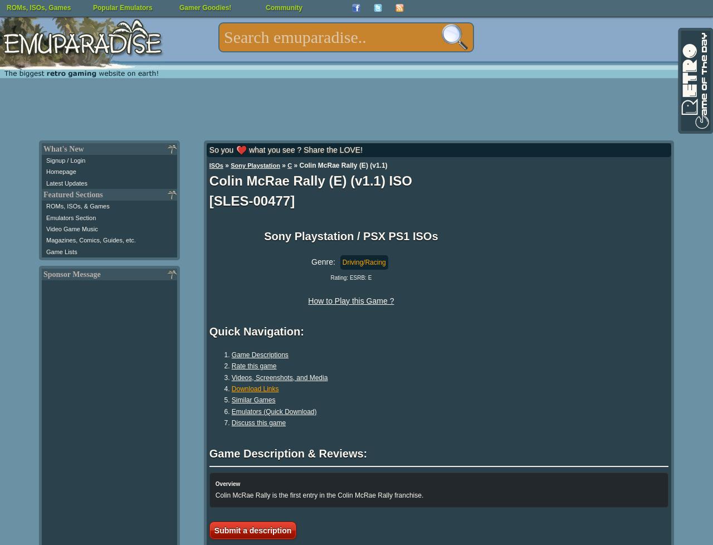 Image resolution: width=713 pixels, height=545 pixels. I want to click on 'what you see ? Share the LOVE!', so click(304, 149).